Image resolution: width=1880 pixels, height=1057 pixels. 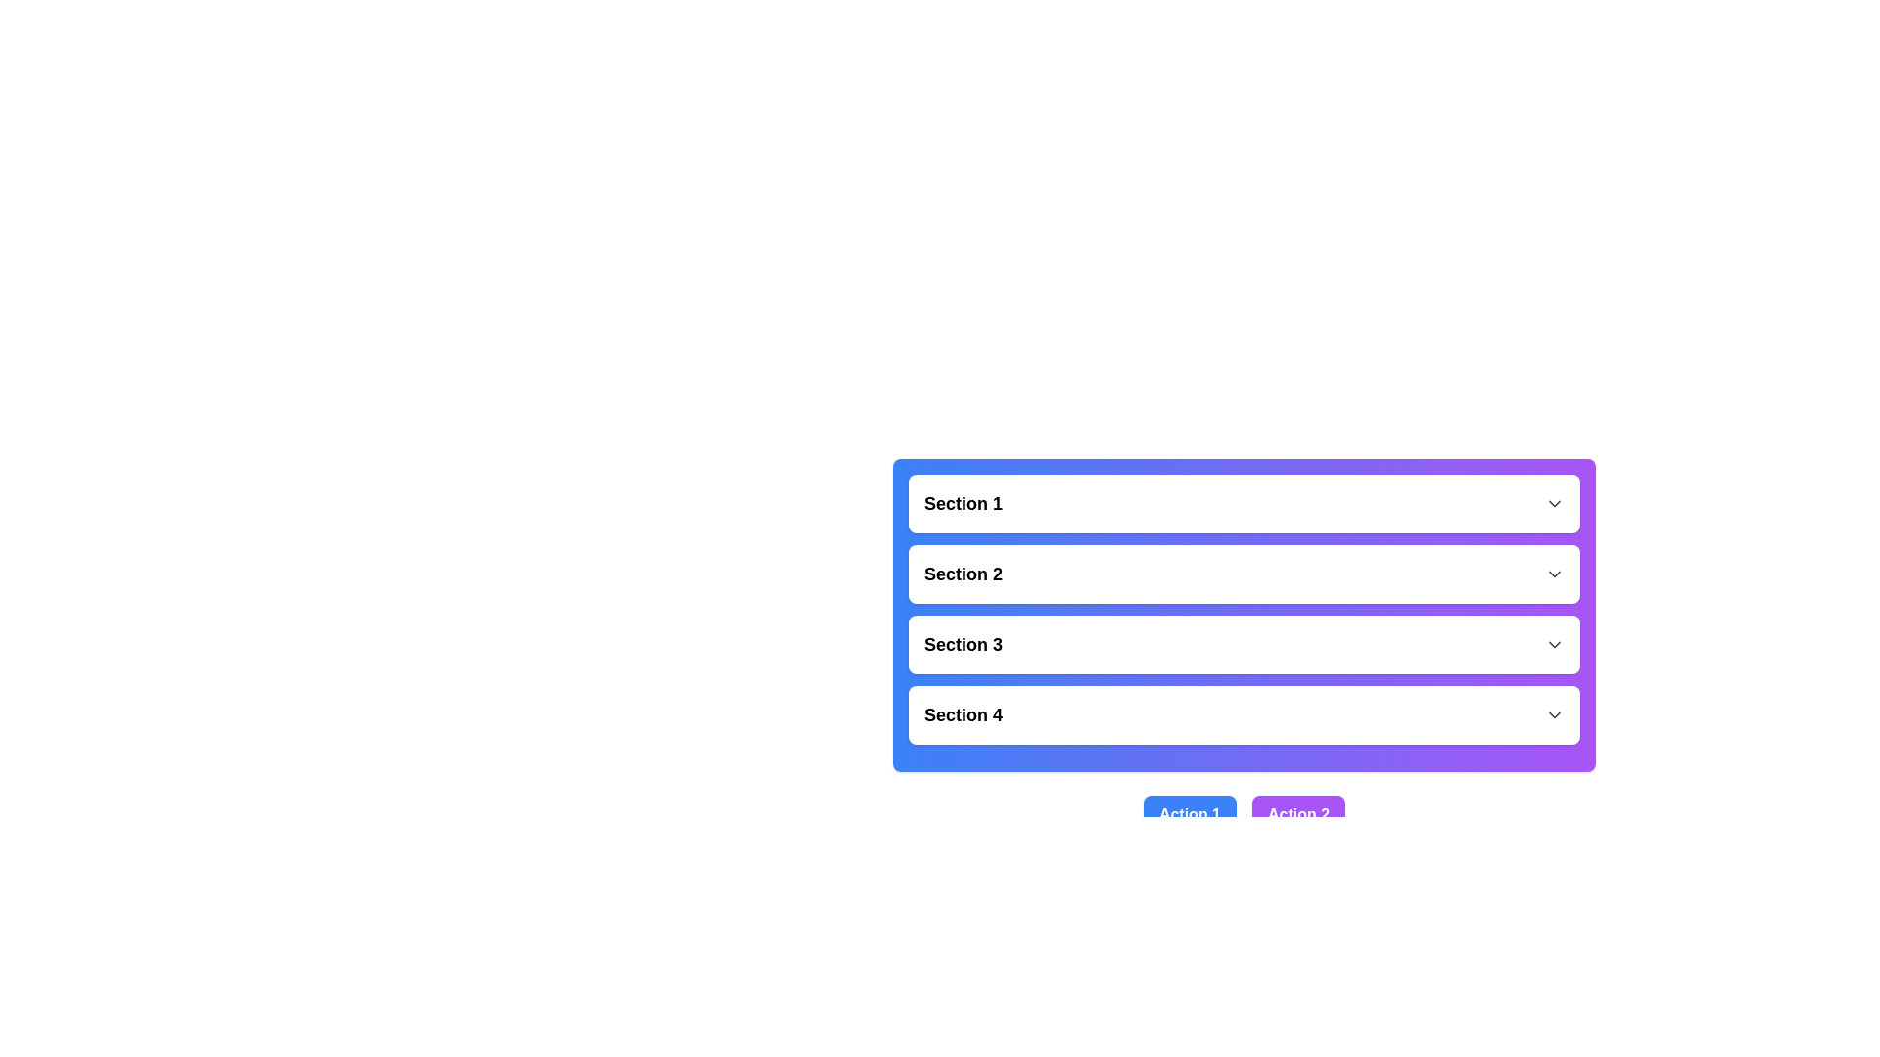 What do you see at coordinates (1244, 619) in the screenshot?
I see `the dropdown icon in the 'Collapsible Section Group'` at bounding box center [1244, 619].